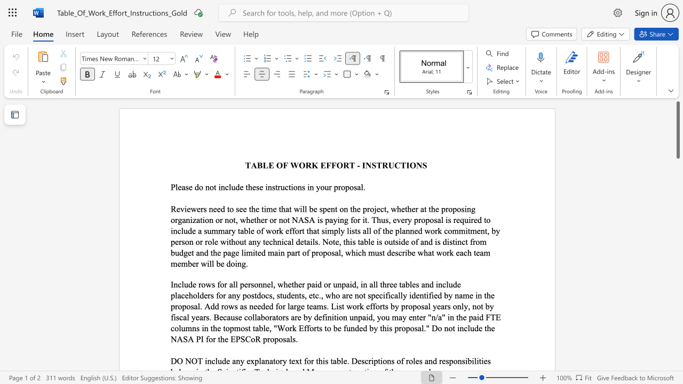  What do you see at coordinates (677, 180) in the screenshot?
I see `the scrollbar to slide the page down` at bounding box center [677, 180].